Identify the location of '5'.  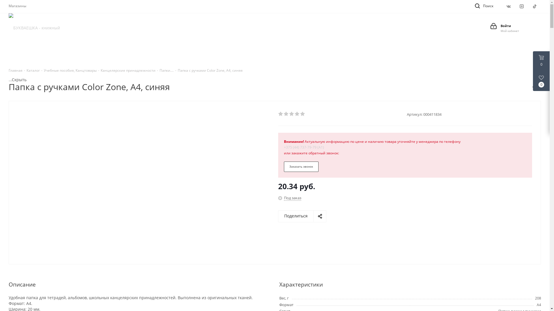
(300, 114).